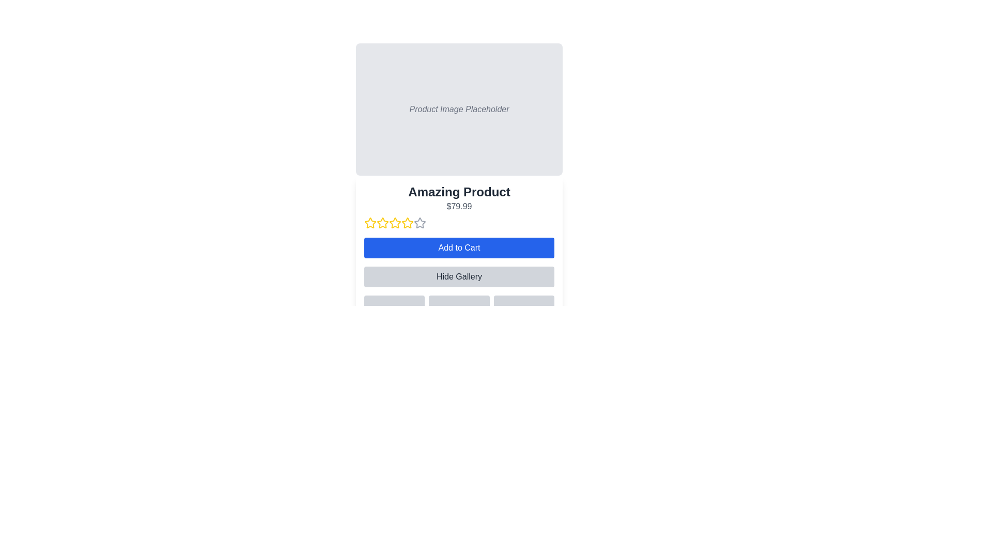  I want to click on the second star rating icon, which is outlined in yellow and indicates a two-star rating option, so click(382, 222).